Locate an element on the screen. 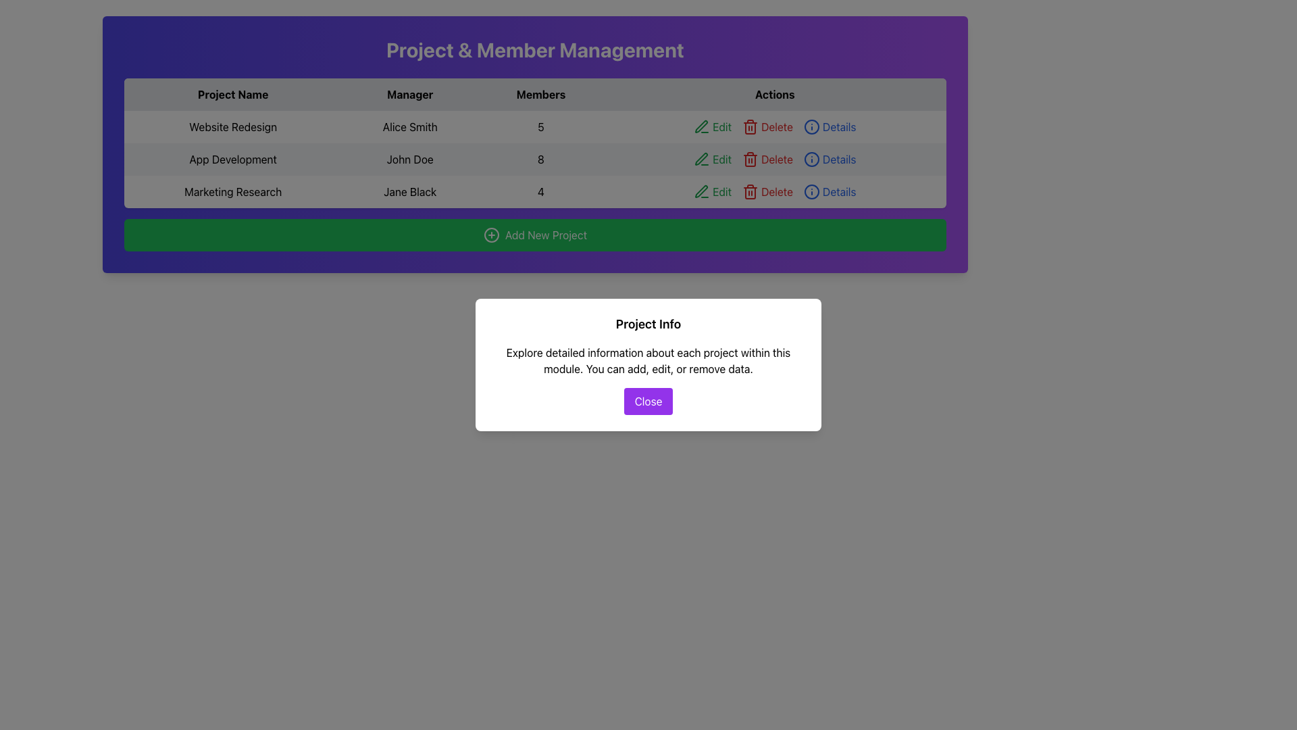 This screenshot has width=1297, height=730. the trash can icon in the 'Actions' column of the third row under 'Project & Member Management' is located at coordinates (750, 192).